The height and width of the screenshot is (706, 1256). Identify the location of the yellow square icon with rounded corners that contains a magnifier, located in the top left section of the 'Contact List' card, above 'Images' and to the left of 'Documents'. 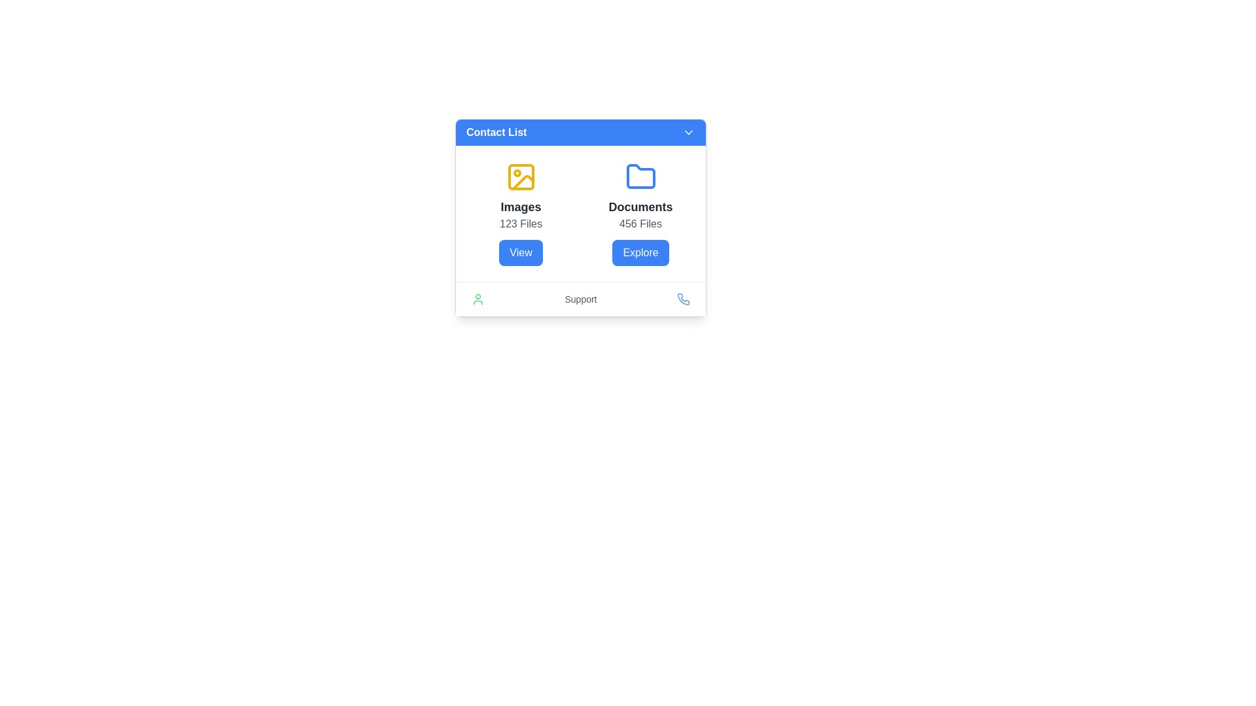
(520, 176).